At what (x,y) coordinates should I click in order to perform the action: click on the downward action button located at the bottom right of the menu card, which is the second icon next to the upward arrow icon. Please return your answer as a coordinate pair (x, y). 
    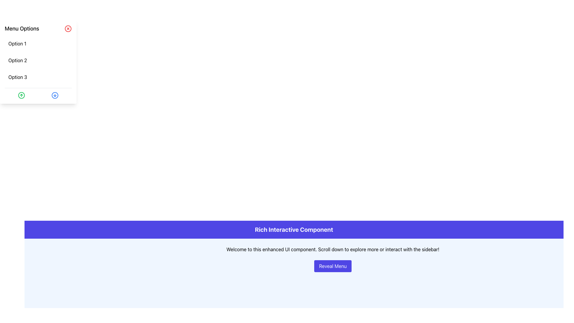
    Looking at the image, I should click on (55, 95).